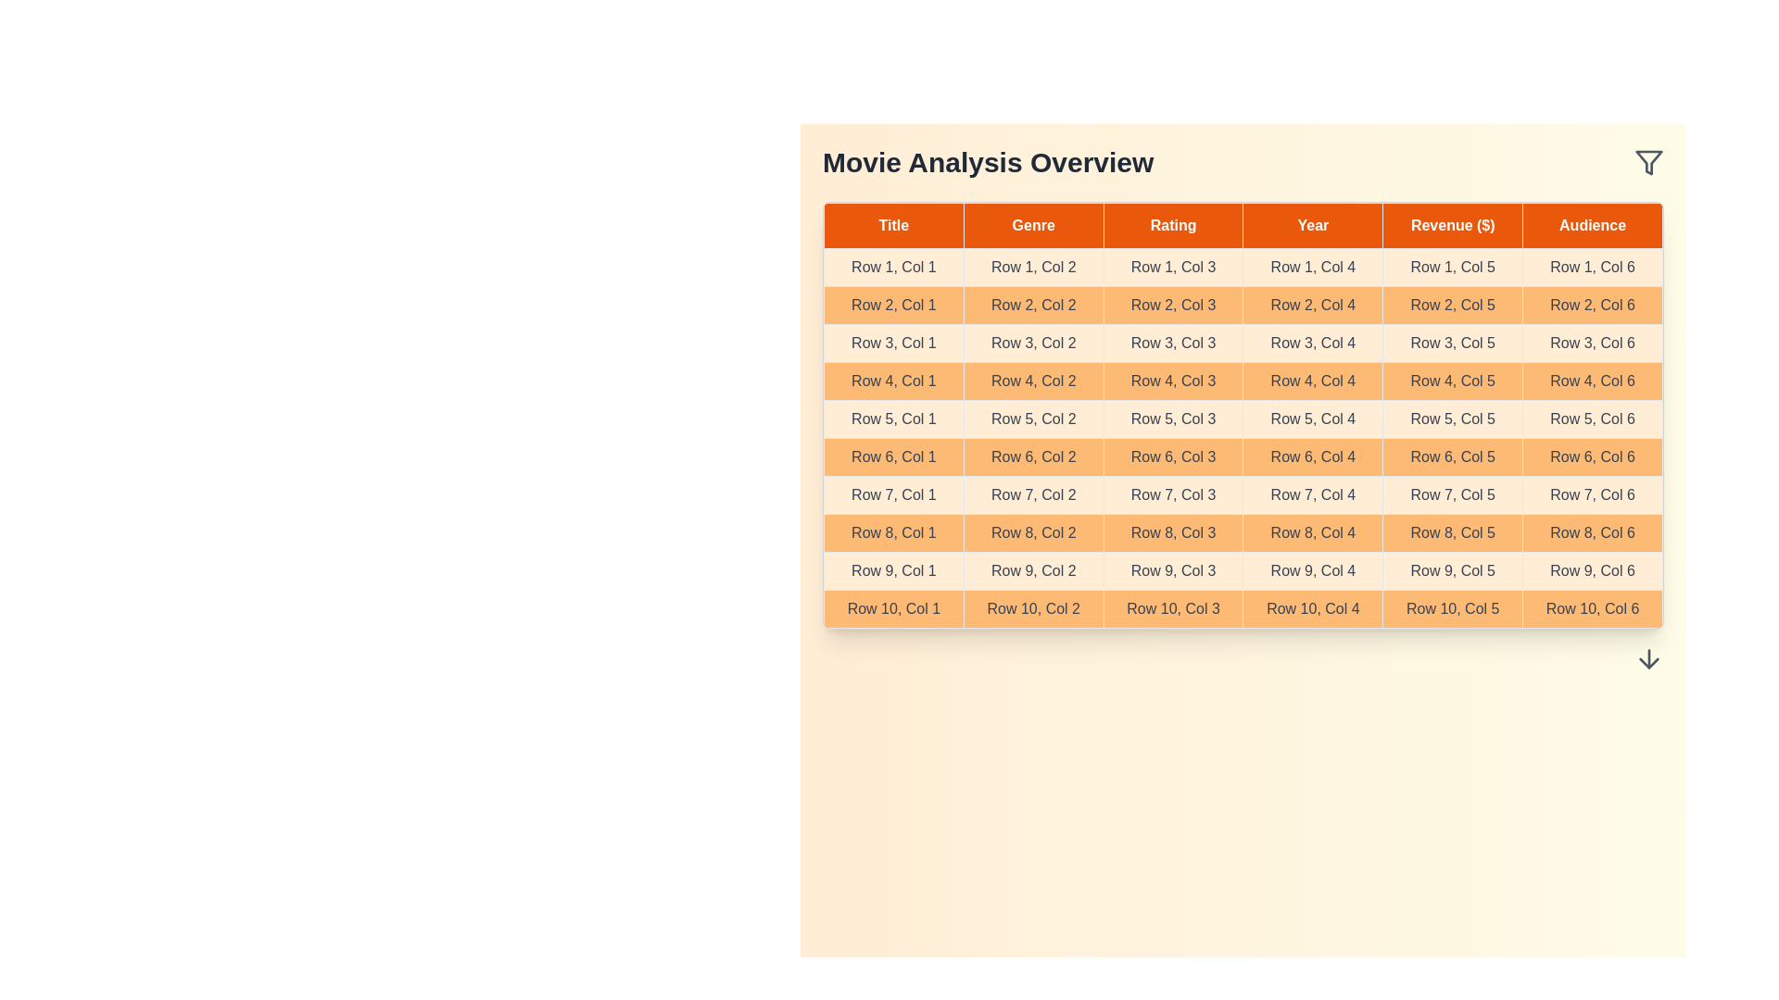 The height and width of the screenshot is (1000, 1779). I want to click on the header cell labeled Rating to sort the column, so click(1172, 224).